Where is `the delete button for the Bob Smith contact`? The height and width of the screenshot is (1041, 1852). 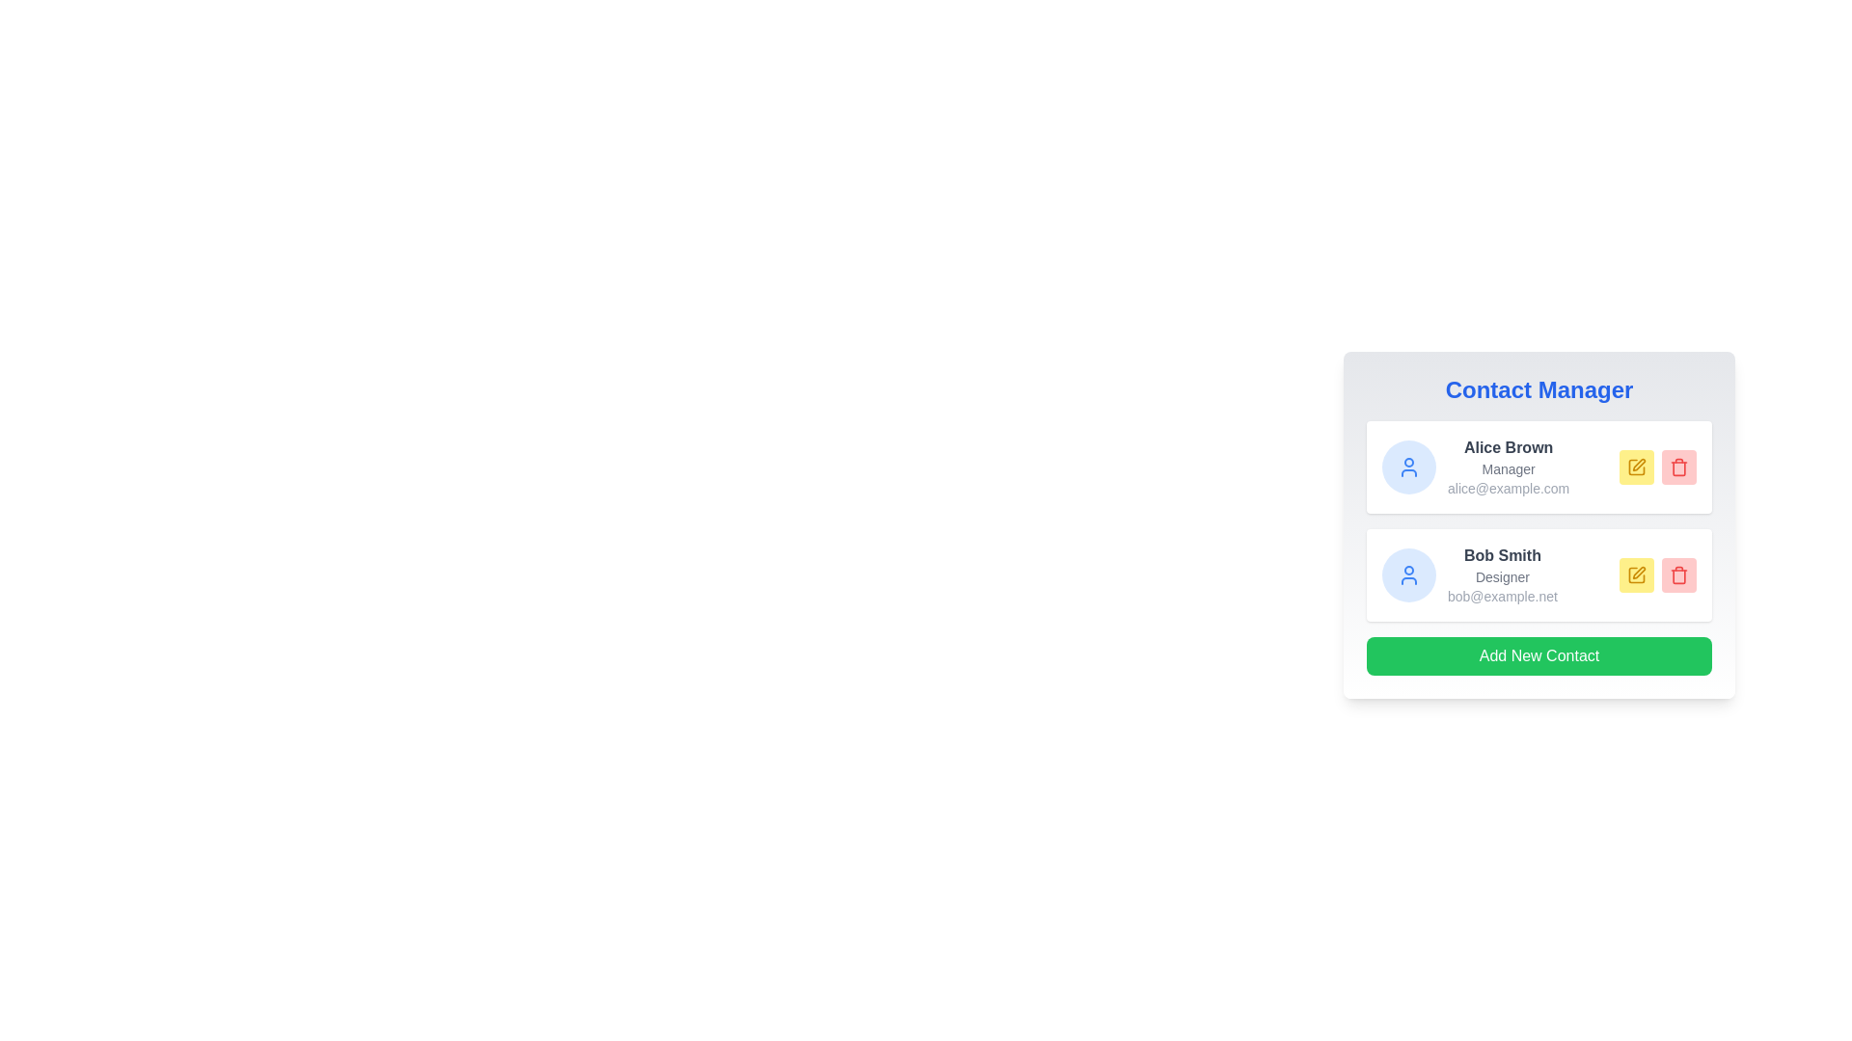
the delete button for the Bob Smith contact is located at coordinates (1678, 574).